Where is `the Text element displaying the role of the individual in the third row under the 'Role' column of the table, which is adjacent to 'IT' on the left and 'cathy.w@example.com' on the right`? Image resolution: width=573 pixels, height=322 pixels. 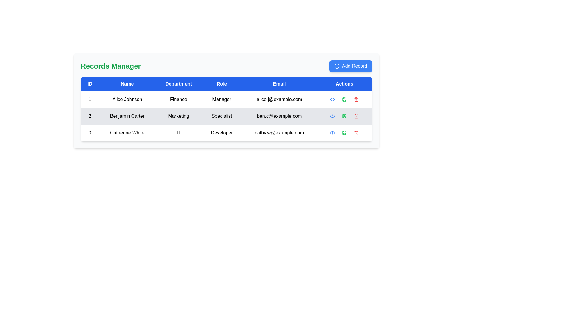 the Text element displaying the role of the individual in the third row under the 'Role' column of the table, which is adjacent to 'IT' on the left and 'cathy.w@example.com' on the right is located at coordinates (221, 133).